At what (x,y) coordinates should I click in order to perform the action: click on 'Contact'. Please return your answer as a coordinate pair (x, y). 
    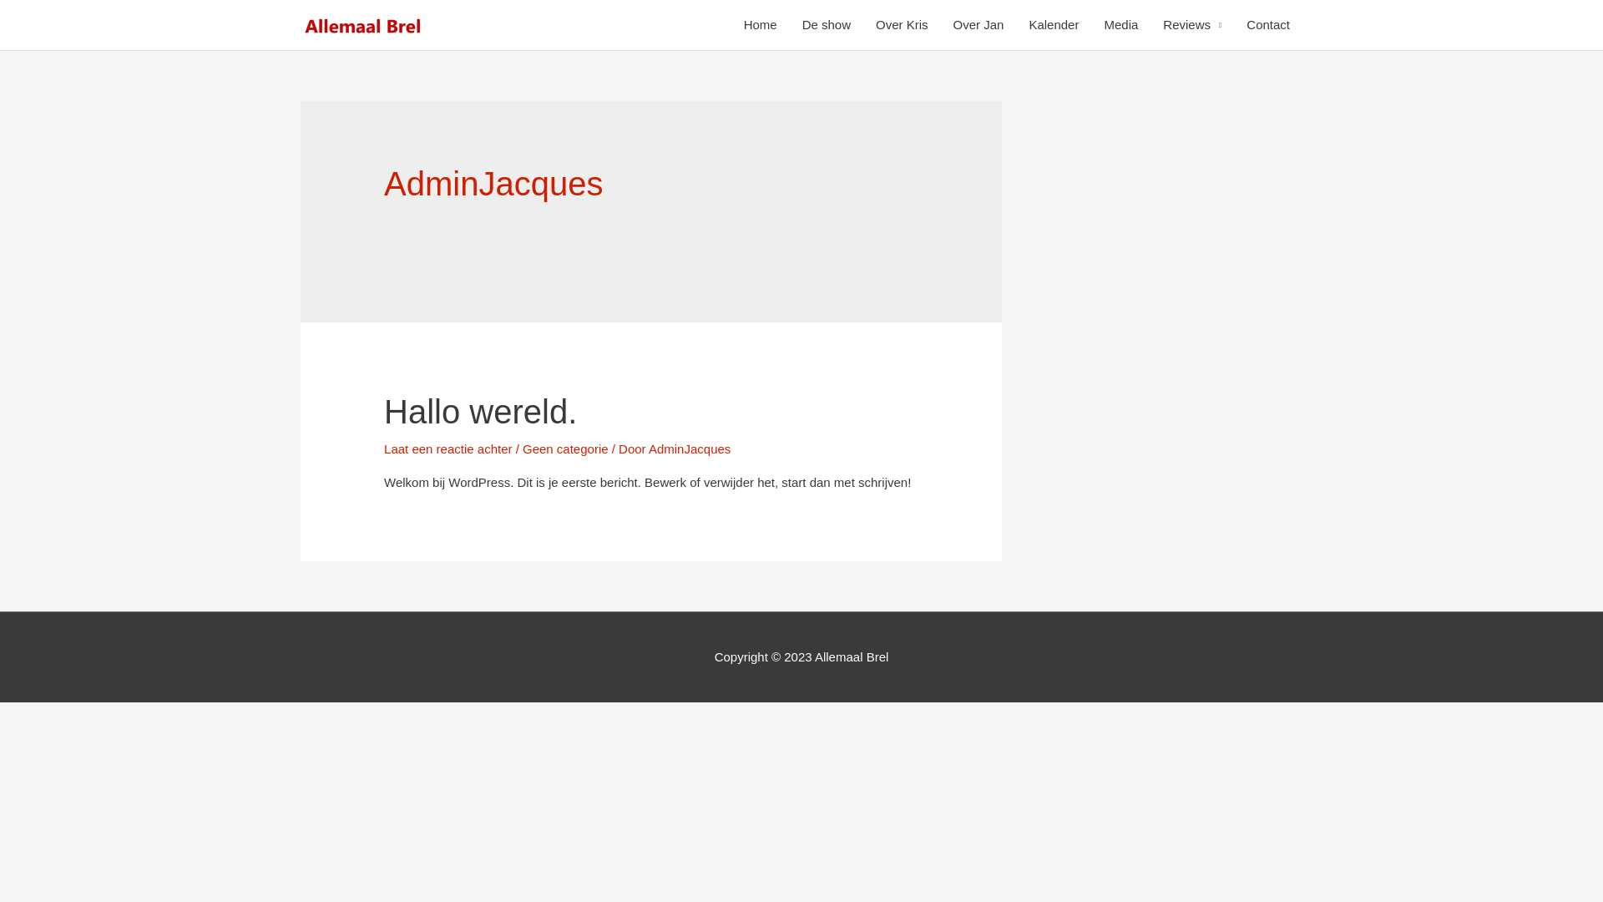
    Looking at the image, I should click on (1234, 25).